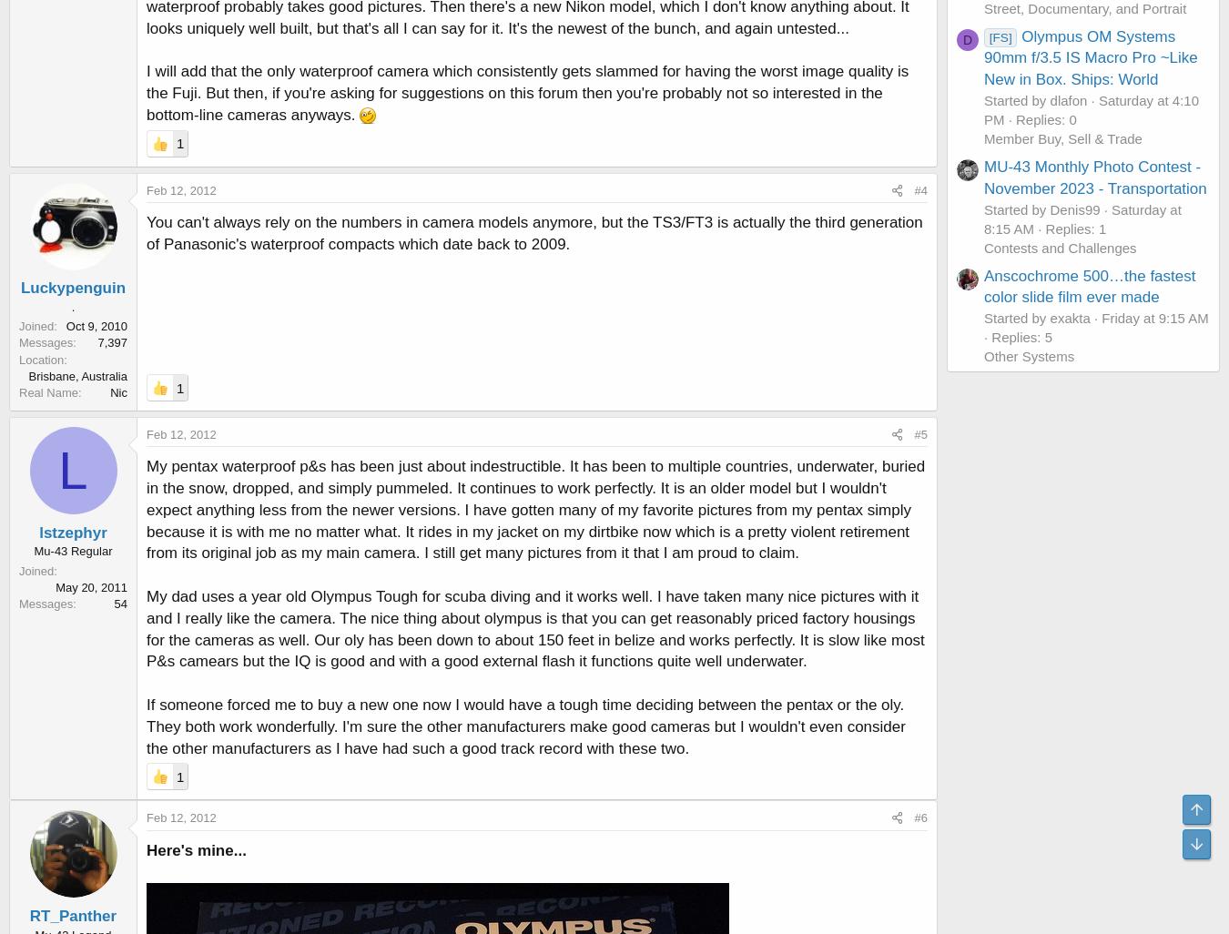 The image size is (1229, 934). What do you see at coordinates (535, 509) in the screenshot?
I see `'My pentax waterproof p&s has been just about indestructible.  It has been to multiple countries, underwater, buried in the snow, dropped, and simply pummeled.   It continues to work perfectly.  It is an older model but I wouldn't expect anything less from the newer versions.  I have gotten many of my favorite pictures from my pentax simply because it is with me no matter what.  It rides in my jacket on my dirtbike now which is a pretty violent retirement from its original job as my main camera.  I still get many pictures from it that I am proud to claim.'` at bounding box center [535, 509].